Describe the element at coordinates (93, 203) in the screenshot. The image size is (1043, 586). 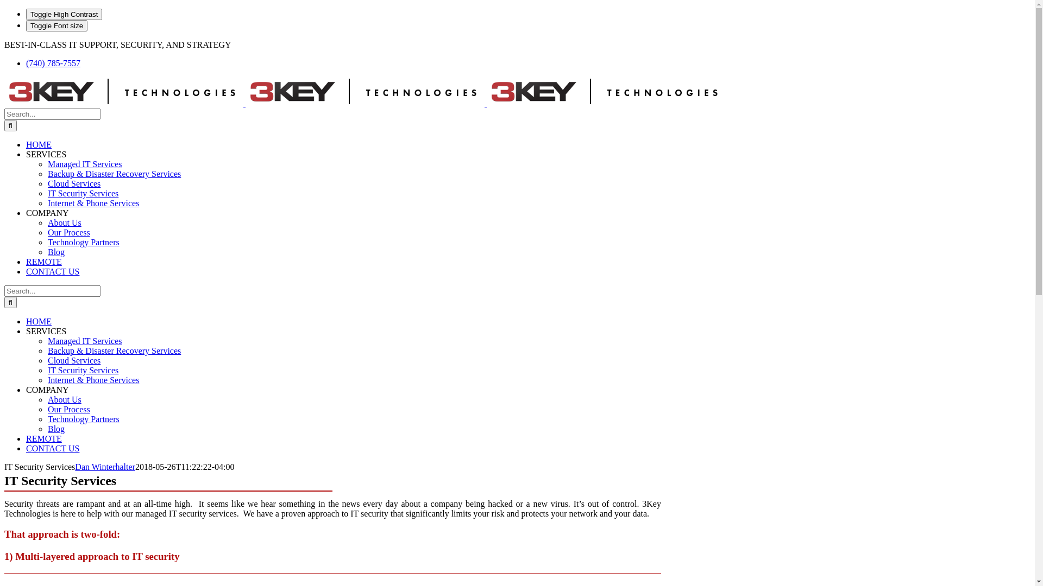
I see `'Internet & Phone Services'` at that location.